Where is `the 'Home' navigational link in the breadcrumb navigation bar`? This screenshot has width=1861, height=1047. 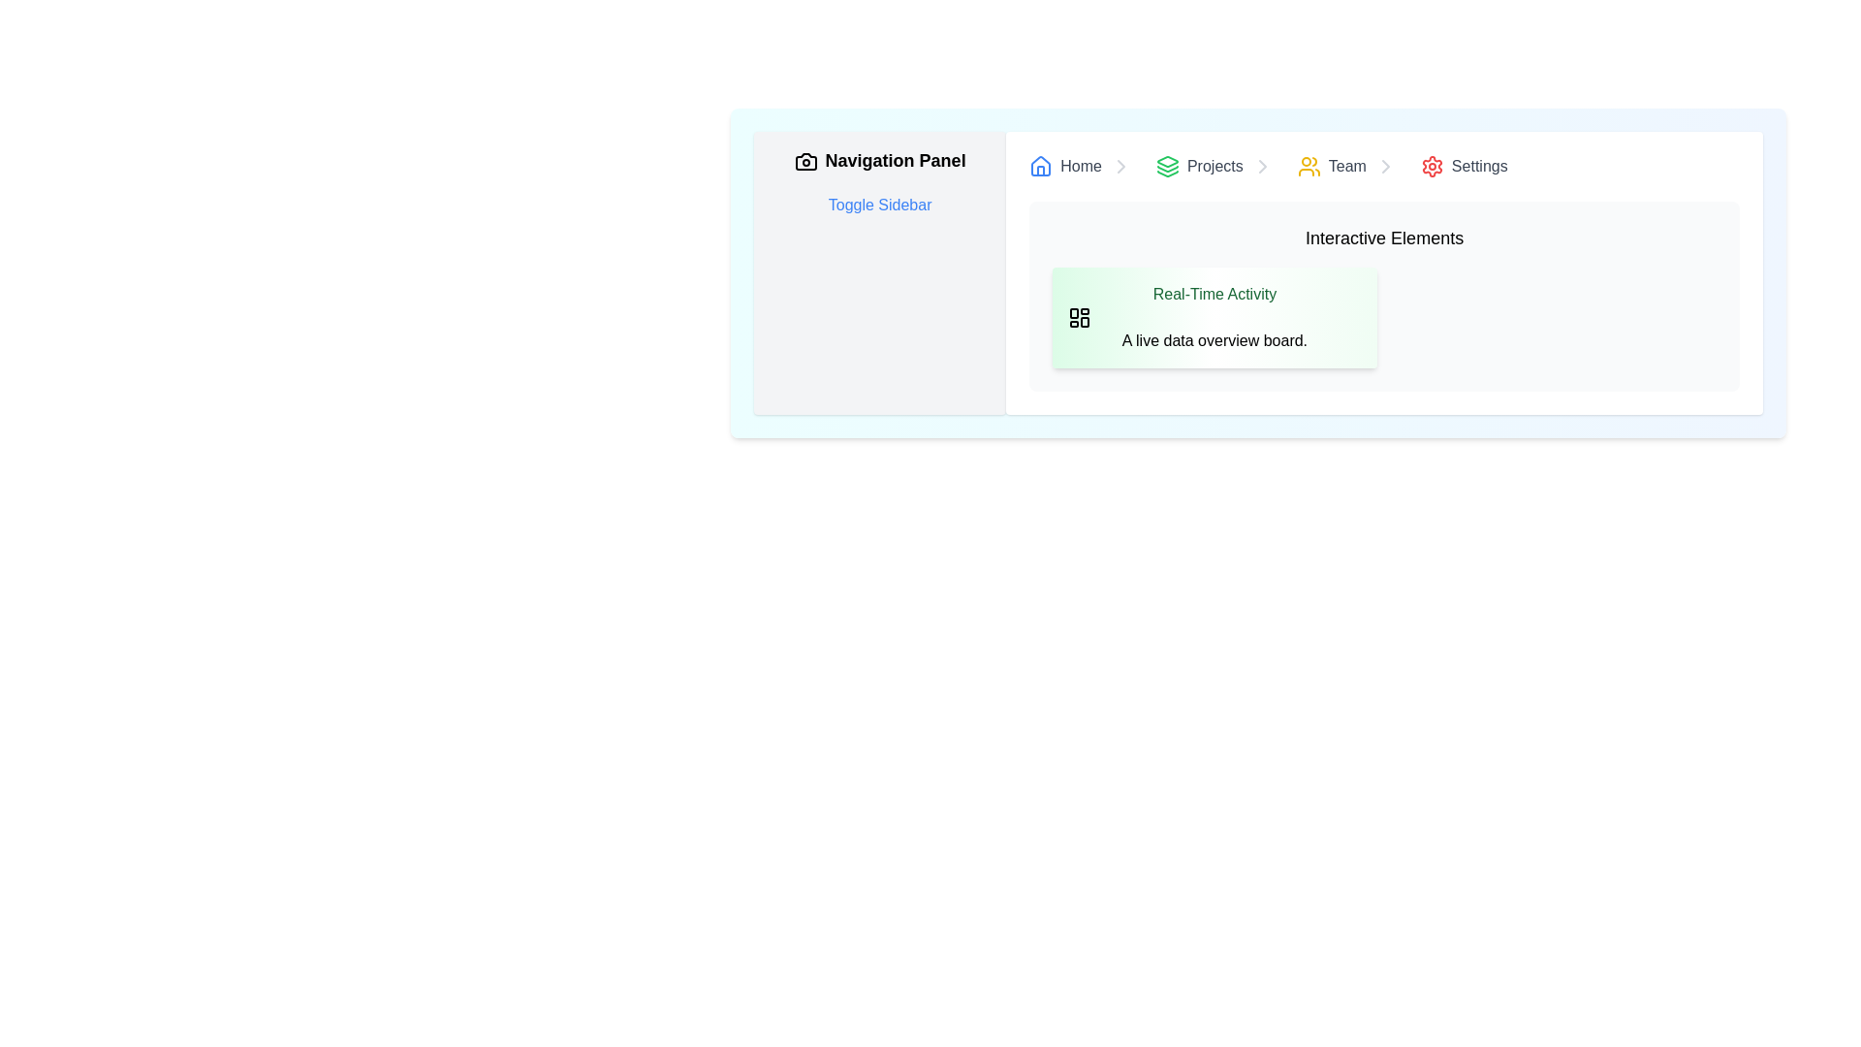
the 'Home' navigational link in the breadcrumb navigation bar is located at coordinates (1064, 166).